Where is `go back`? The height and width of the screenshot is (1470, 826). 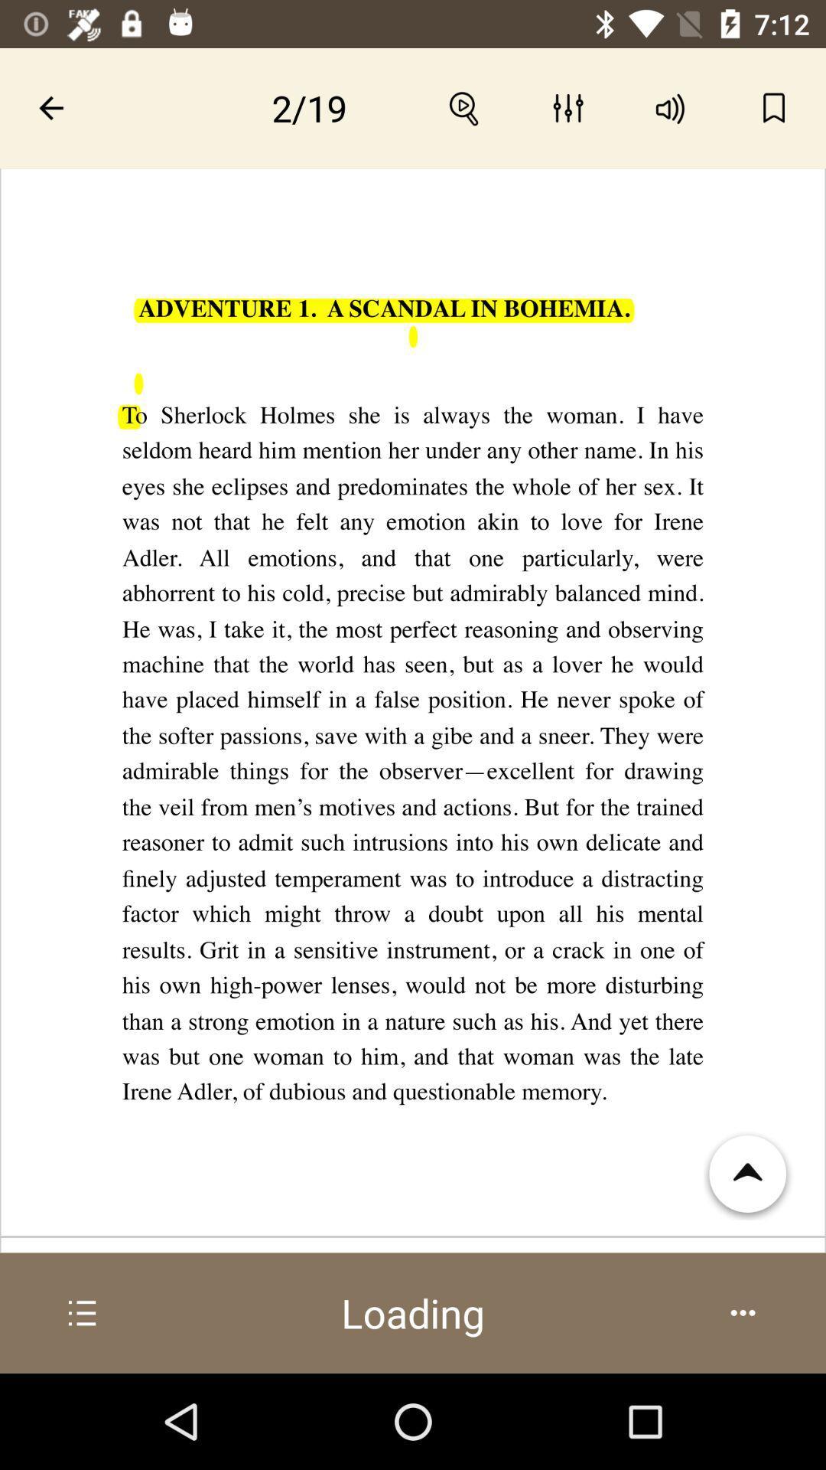
go back is located at coordinates (50, 107).